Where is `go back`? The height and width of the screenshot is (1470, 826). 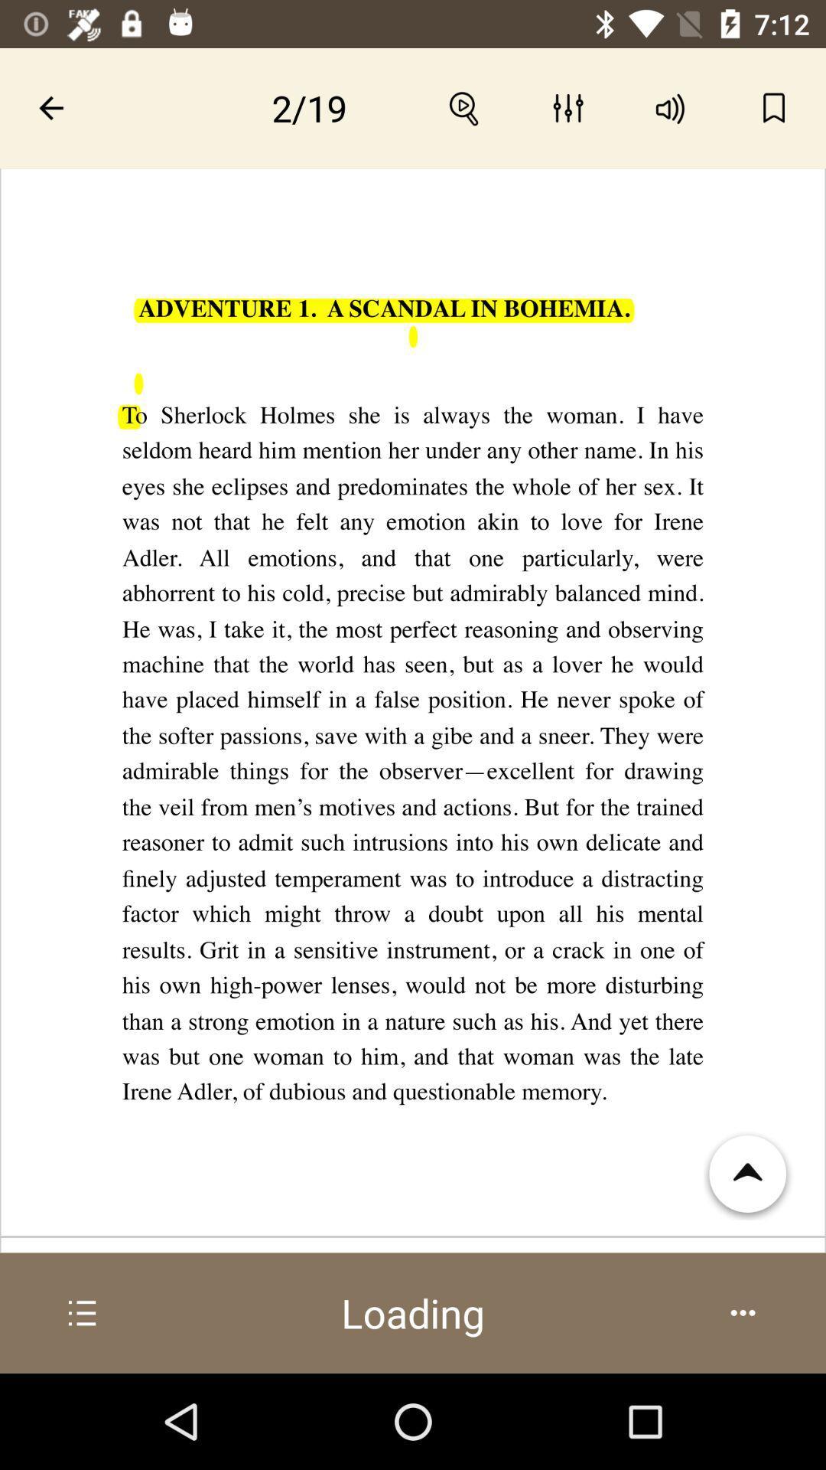
go back is located at coordinates (50, 107).